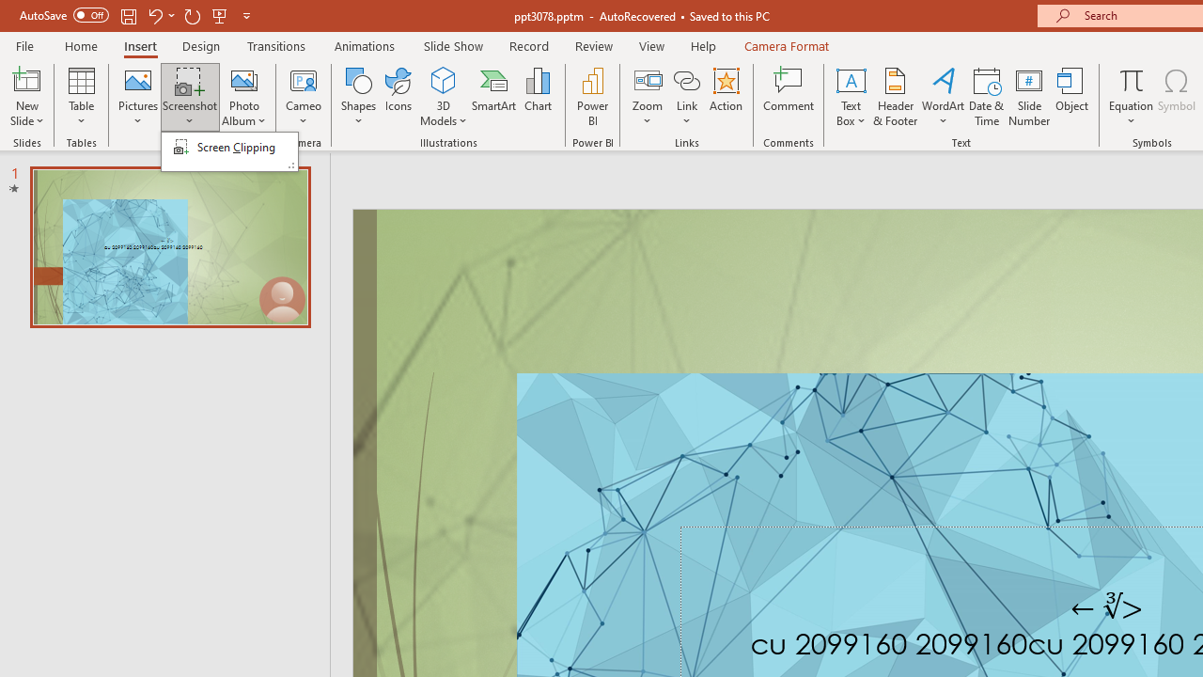 This screenshot has height=677, width=1203. What do you see at coordinates (789, 97) in the screenshot?
I see `'Comment'` at bounding box center [789, 97].